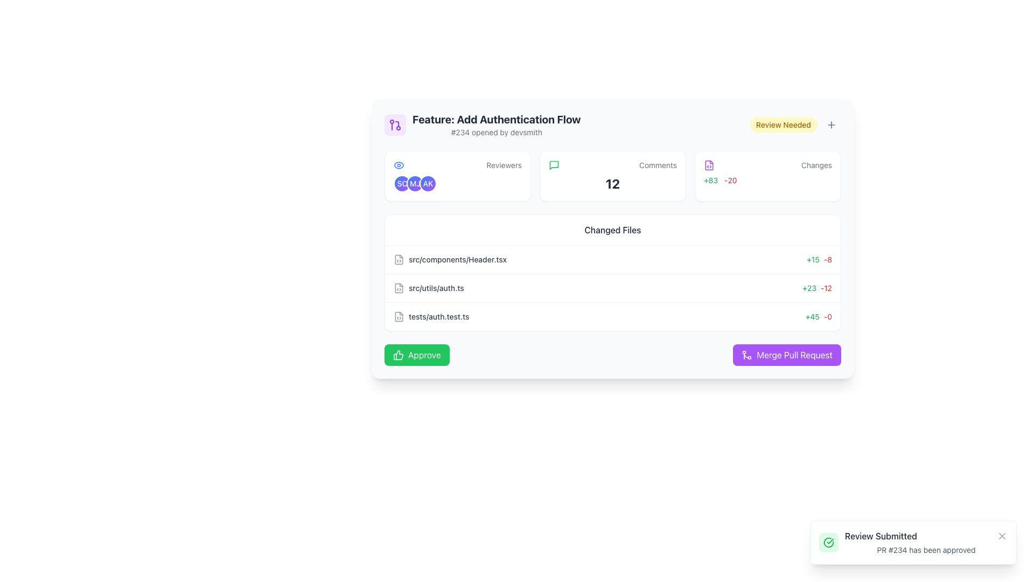  I want to click on the text label reading '#234 opened by devsmith', which is a small gray-colored sans-serif font label located below the heading 'Feature: Add Authentication Flow', so click(496, 132).